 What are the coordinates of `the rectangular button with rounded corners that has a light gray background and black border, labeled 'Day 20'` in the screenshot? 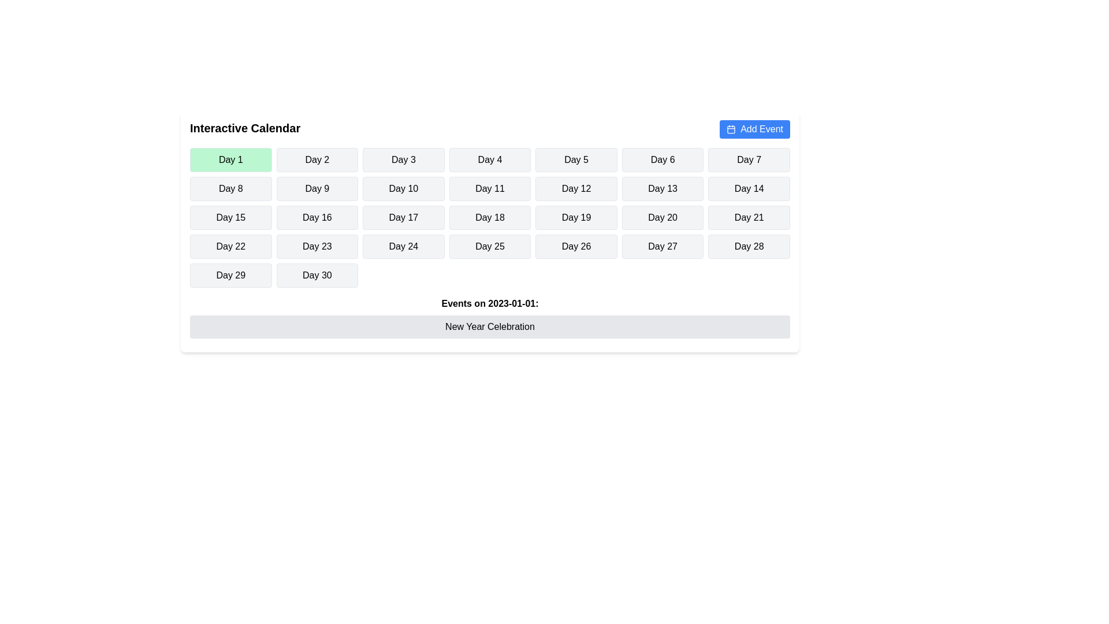 It's located at (663, 218).